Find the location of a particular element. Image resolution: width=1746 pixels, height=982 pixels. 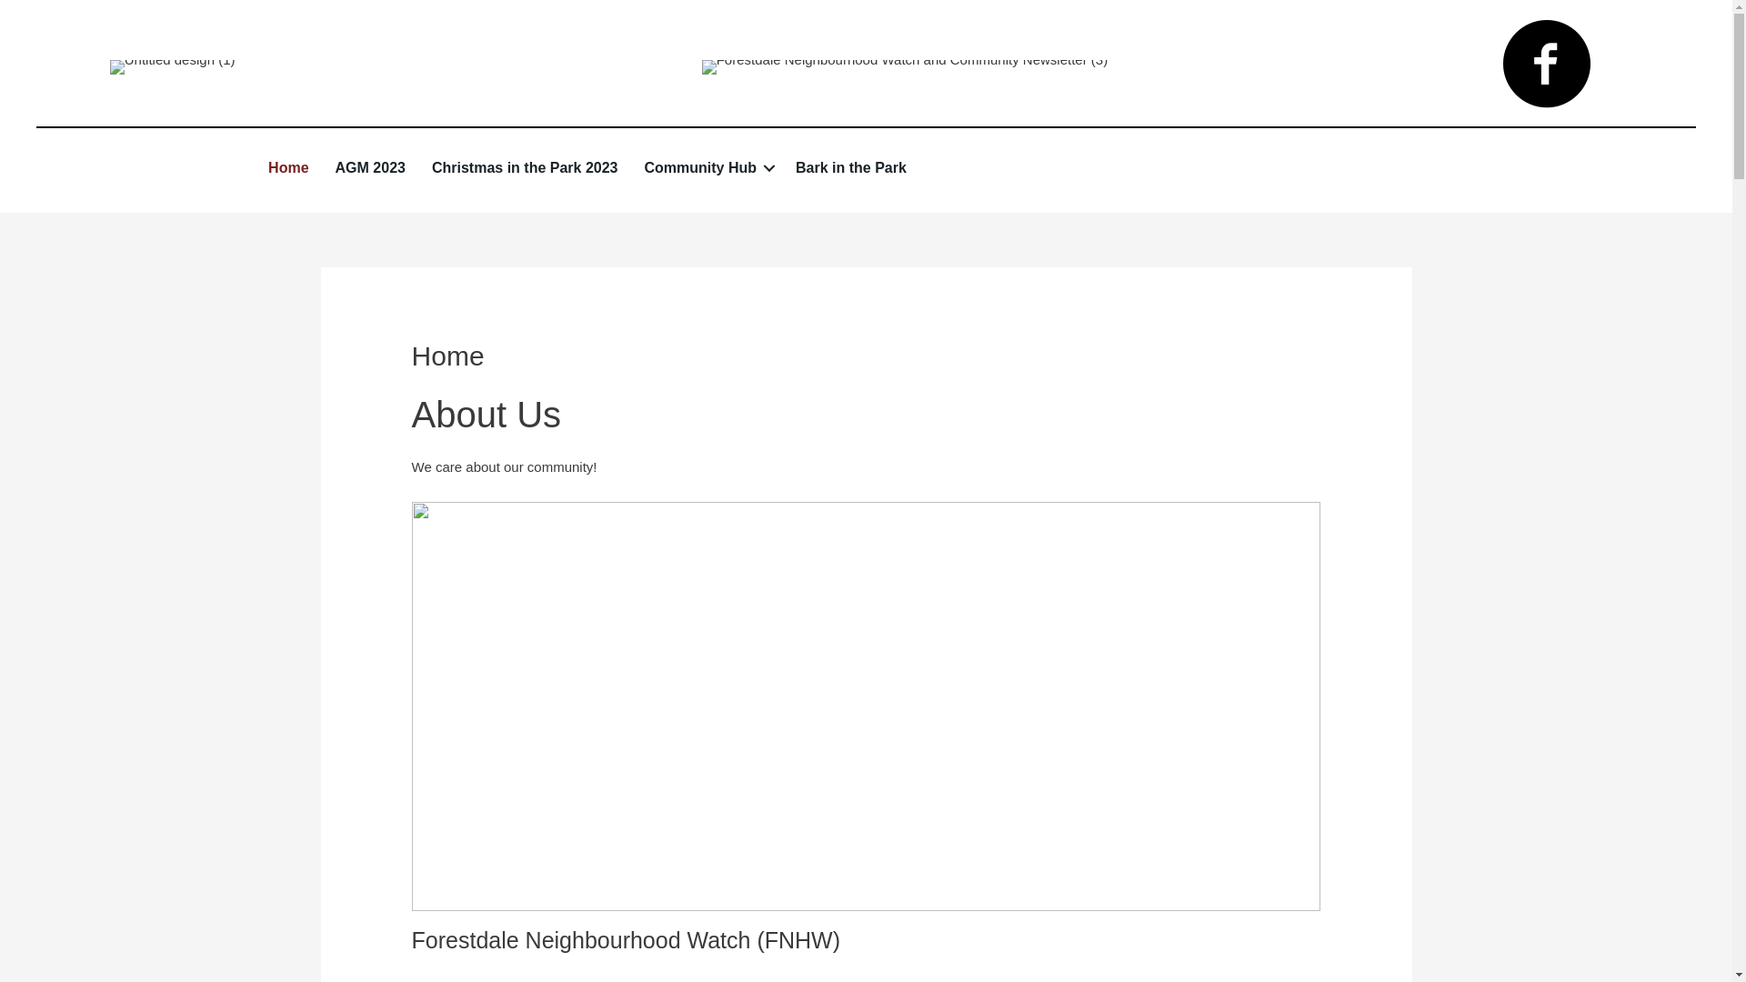

'Untitled design (1)' is located at coordinates (173, 65).